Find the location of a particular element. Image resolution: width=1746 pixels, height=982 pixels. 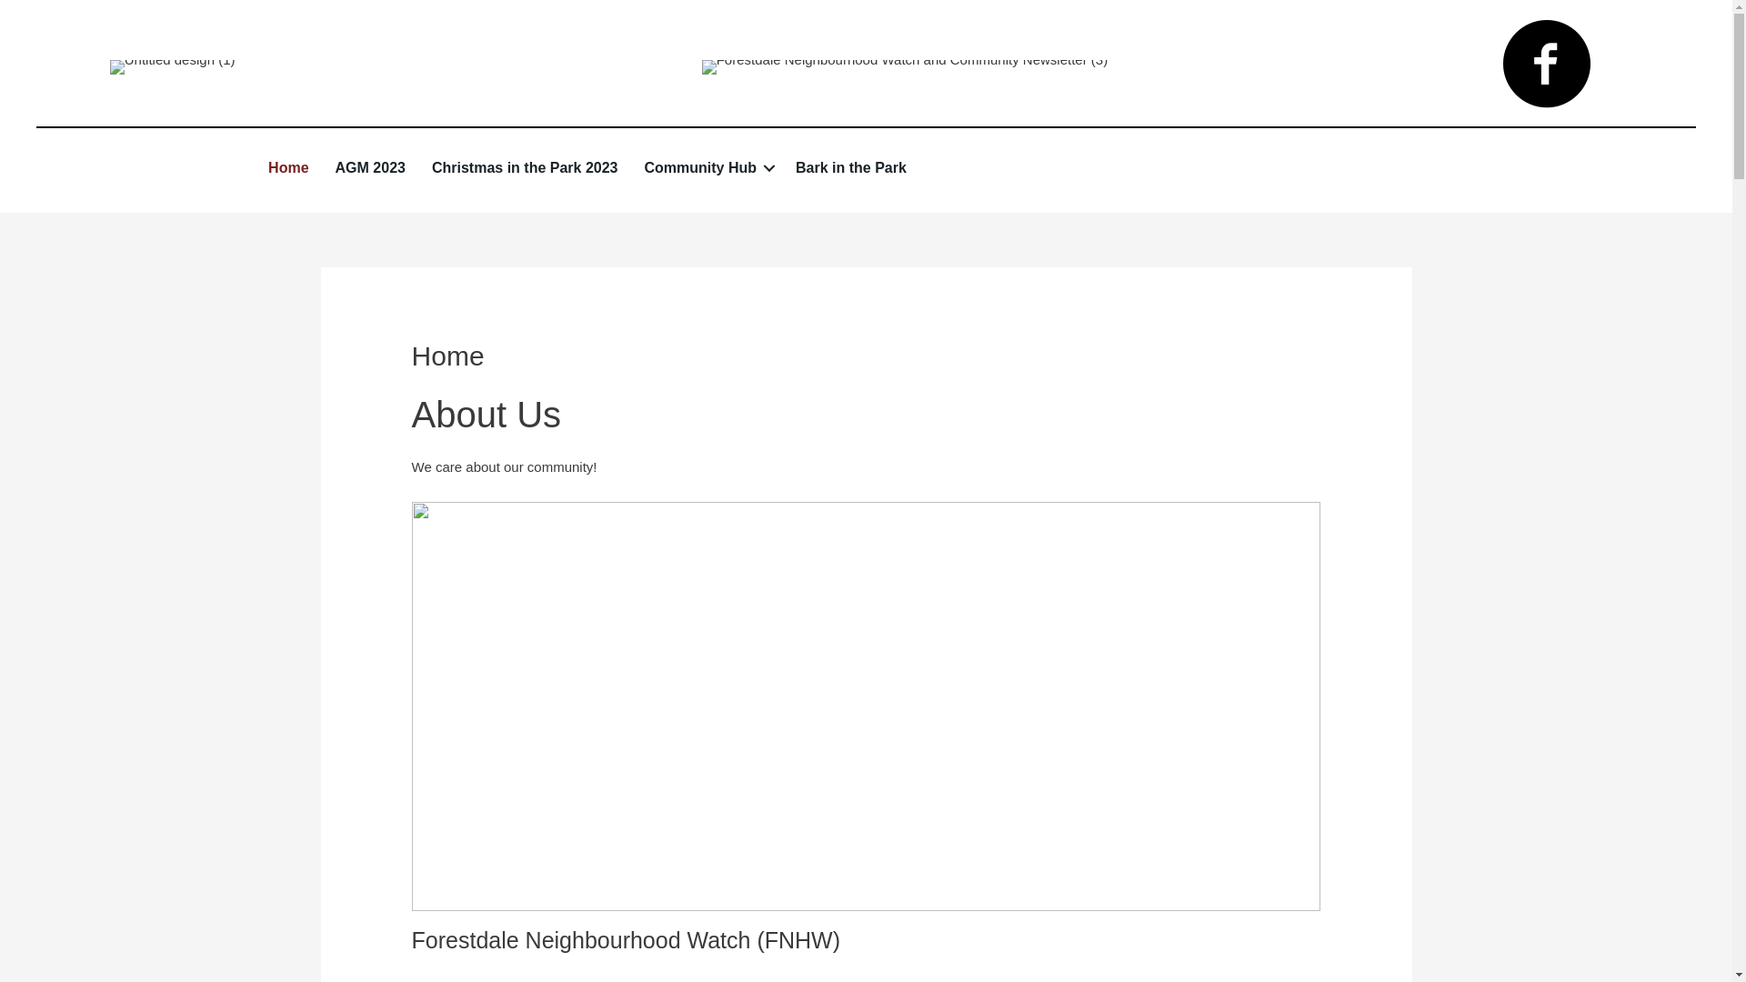

'Untitled design (1)' is located at coordinates (173, 65).